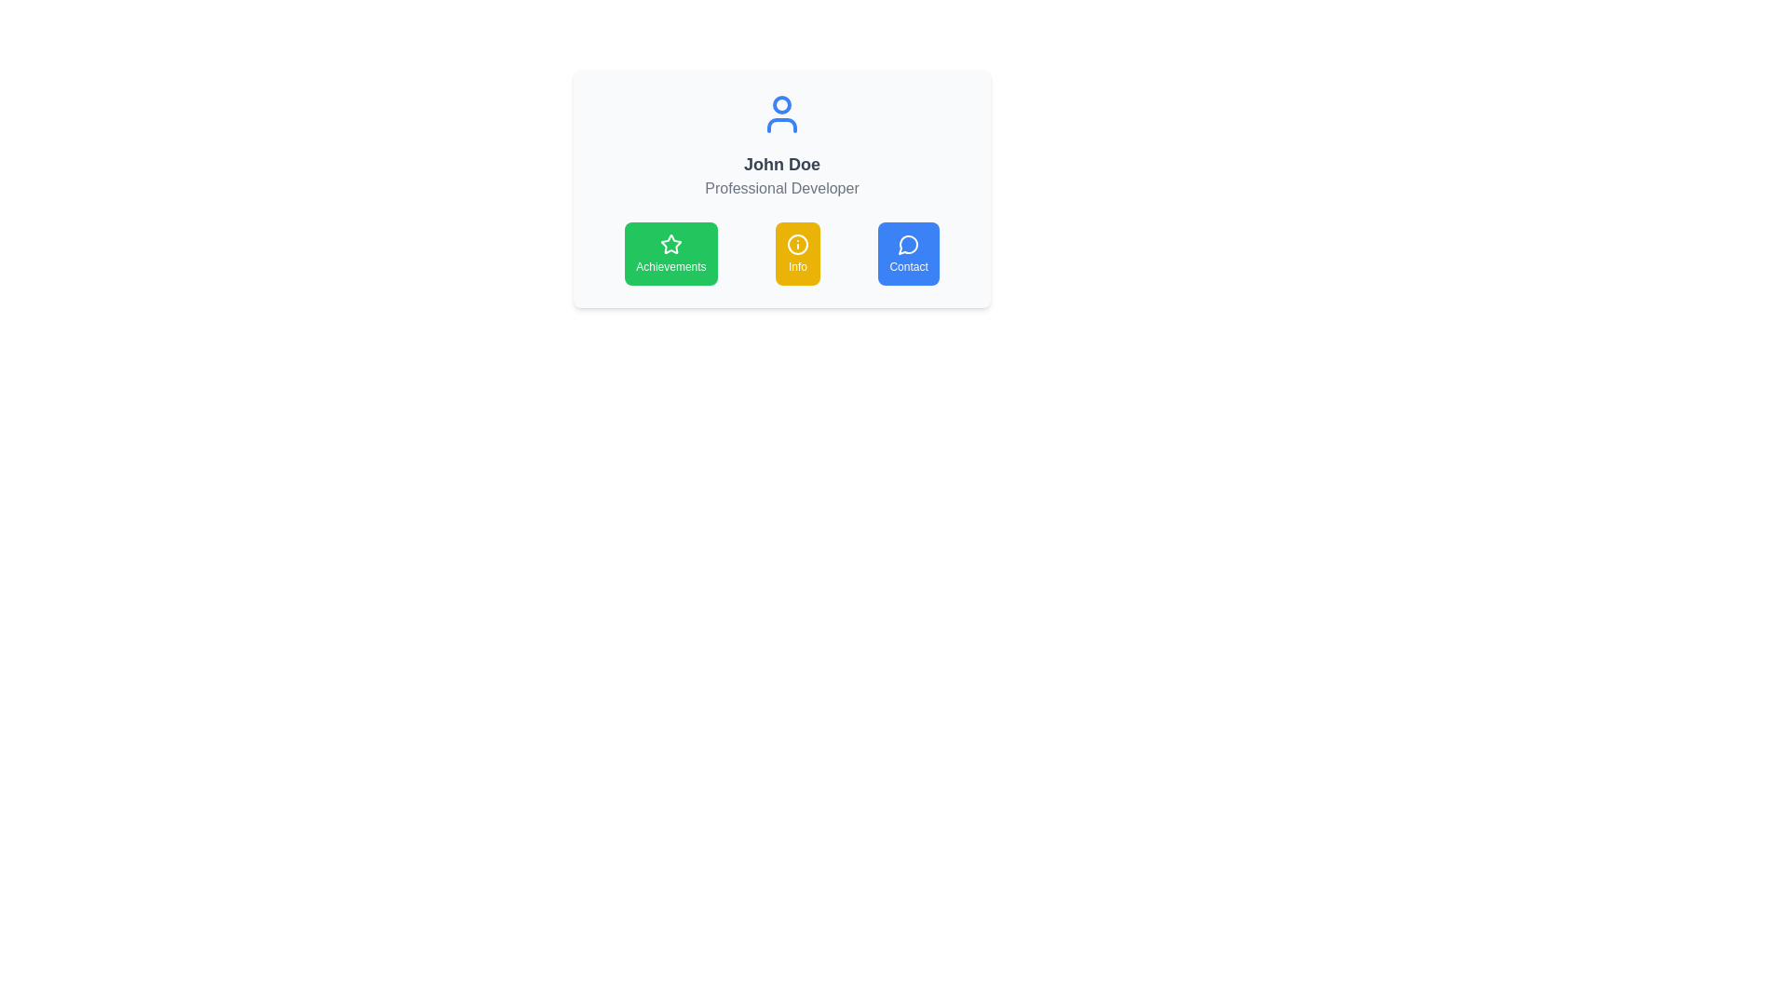  What do you see at coordinates (670, 243) in the screenshot?
I see `the icon within the 'Achievements' button that symbolizes recognition or awards, located to the left of the 'Info' and 'Contact' buttons` at bounding box center [670, 243].